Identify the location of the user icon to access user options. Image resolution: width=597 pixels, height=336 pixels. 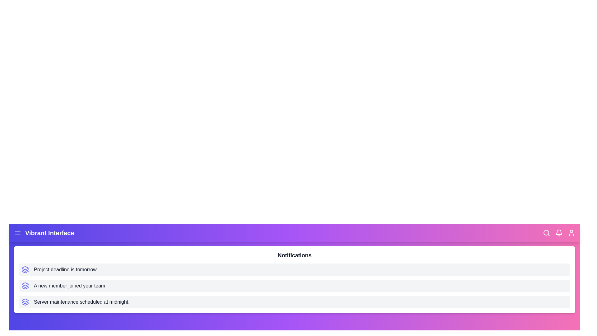
(572, 233).